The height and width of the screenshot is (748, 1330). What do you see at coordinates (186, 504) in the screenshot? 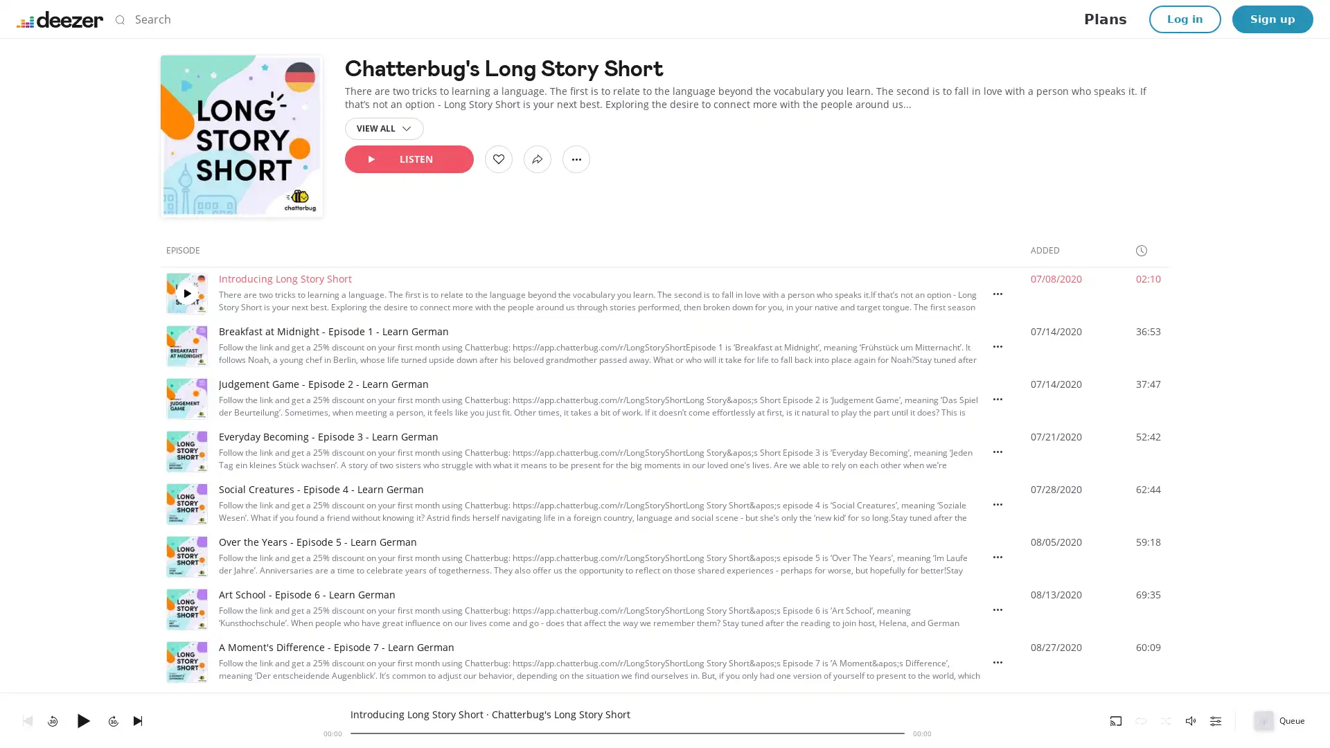
I see `Play Social Creatures - Episode 4 - Learn German by Chatterbug's Long Story Short` at bounding box center [186, 504].